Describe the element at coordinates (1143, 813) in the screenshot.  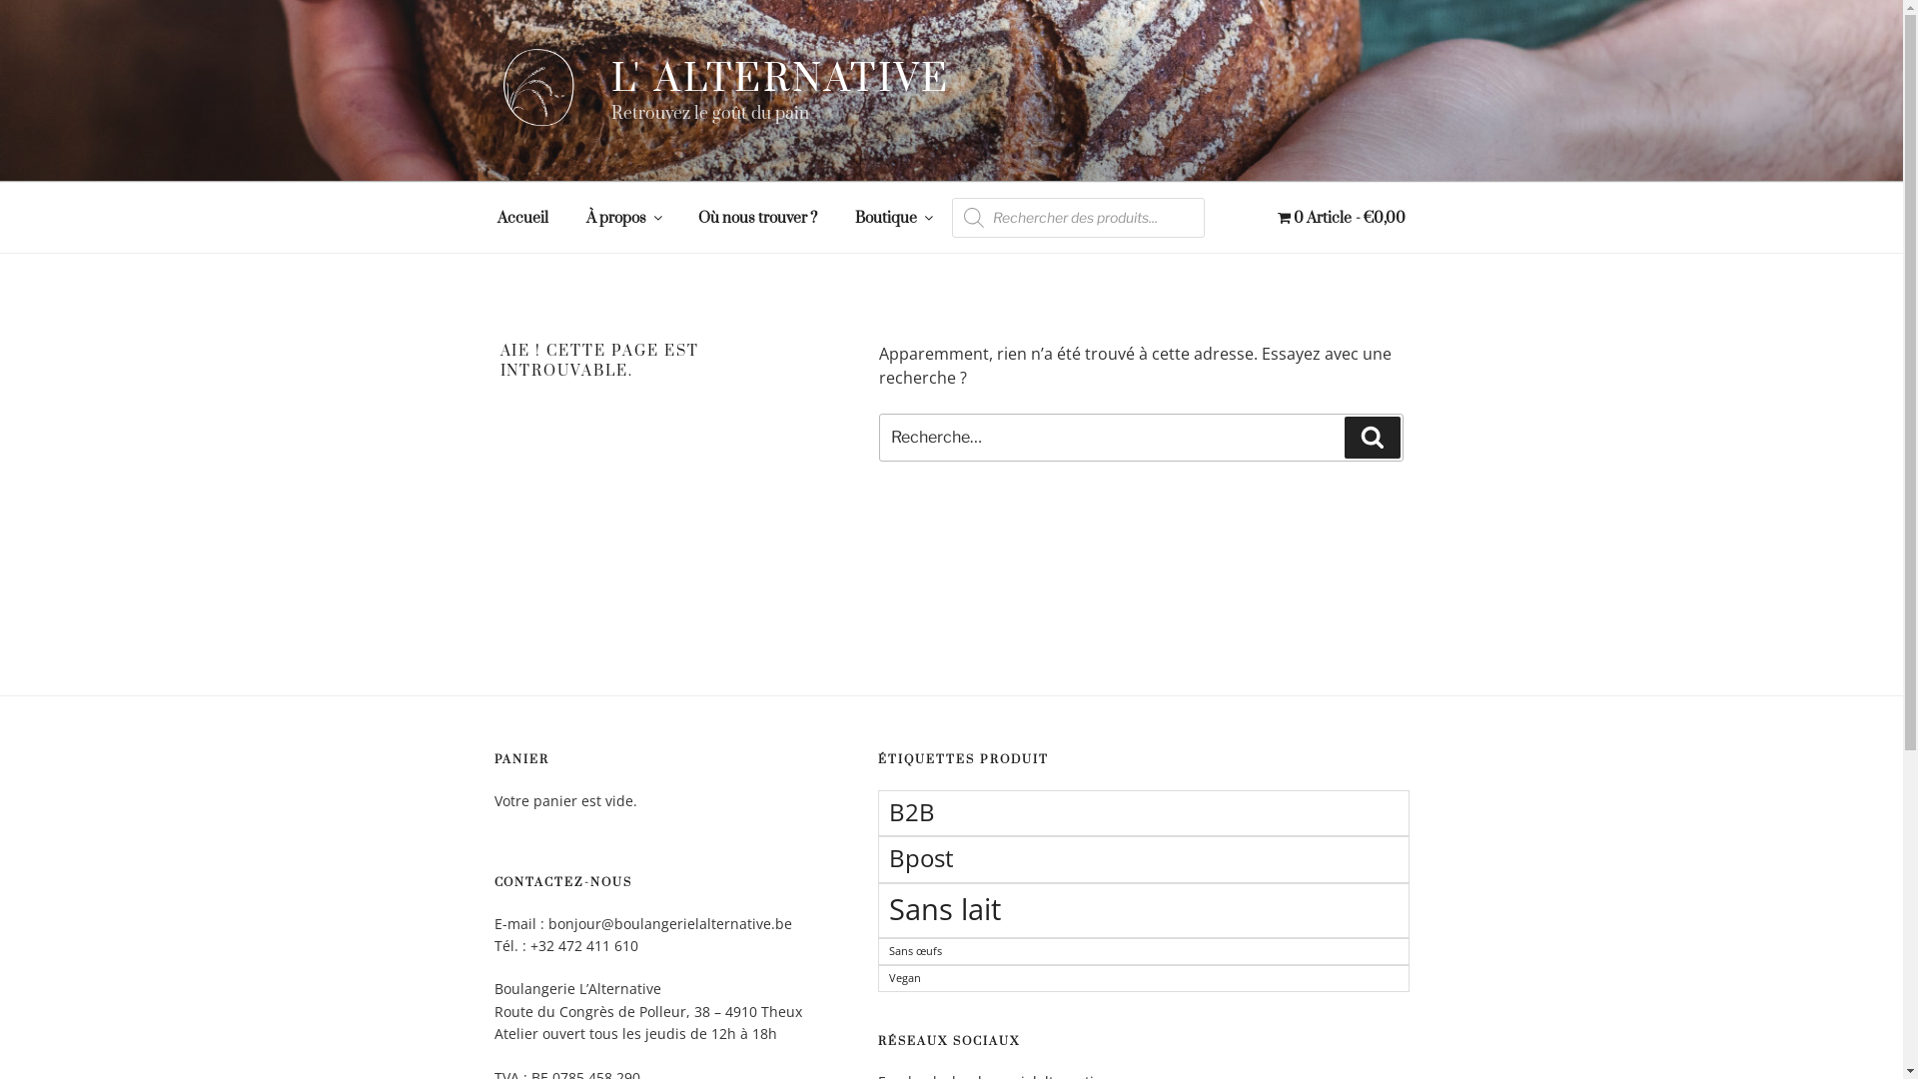
I see `'B2B'` at that location.